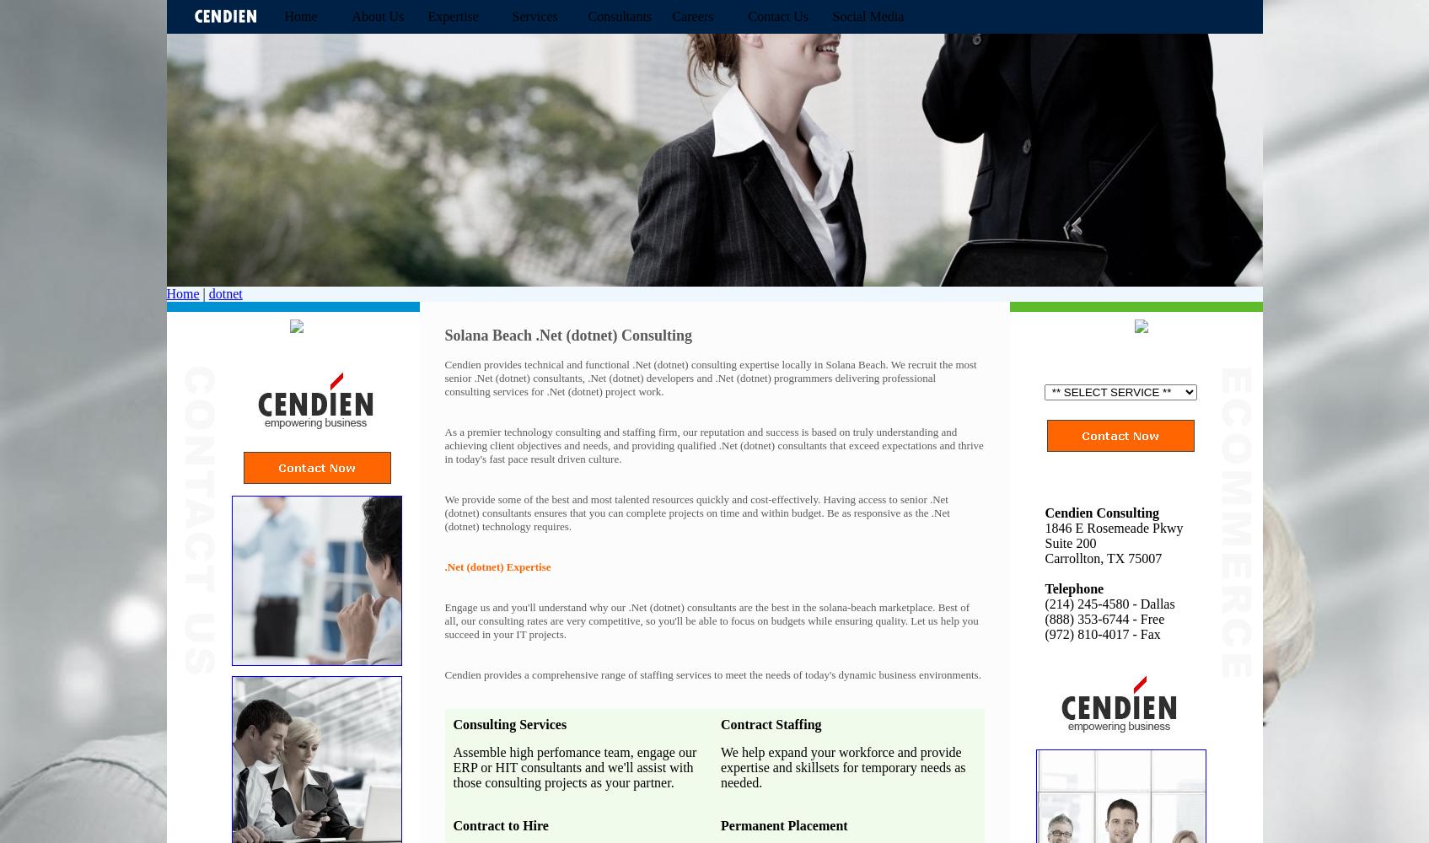 The height and width of the screenshot is (843, 1429). I want to click on 'Suite 200', so click(1069, 543).